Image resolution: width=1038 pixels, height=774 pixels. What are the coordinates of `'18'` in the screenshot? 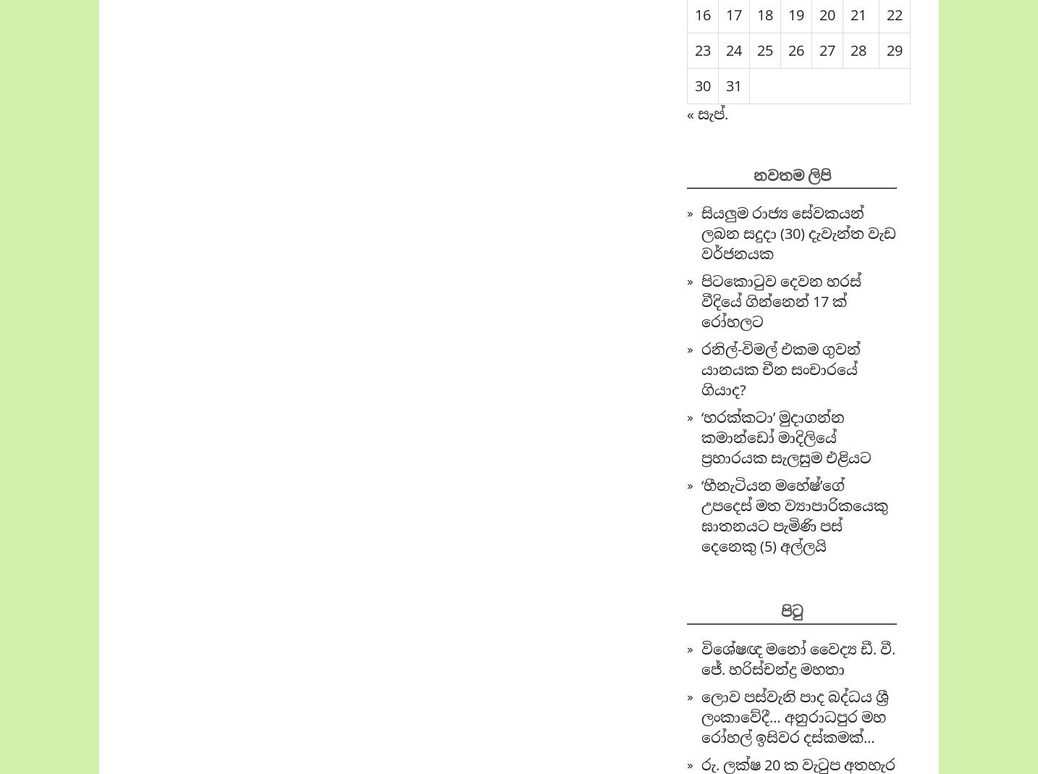 It's located at (764, 14).